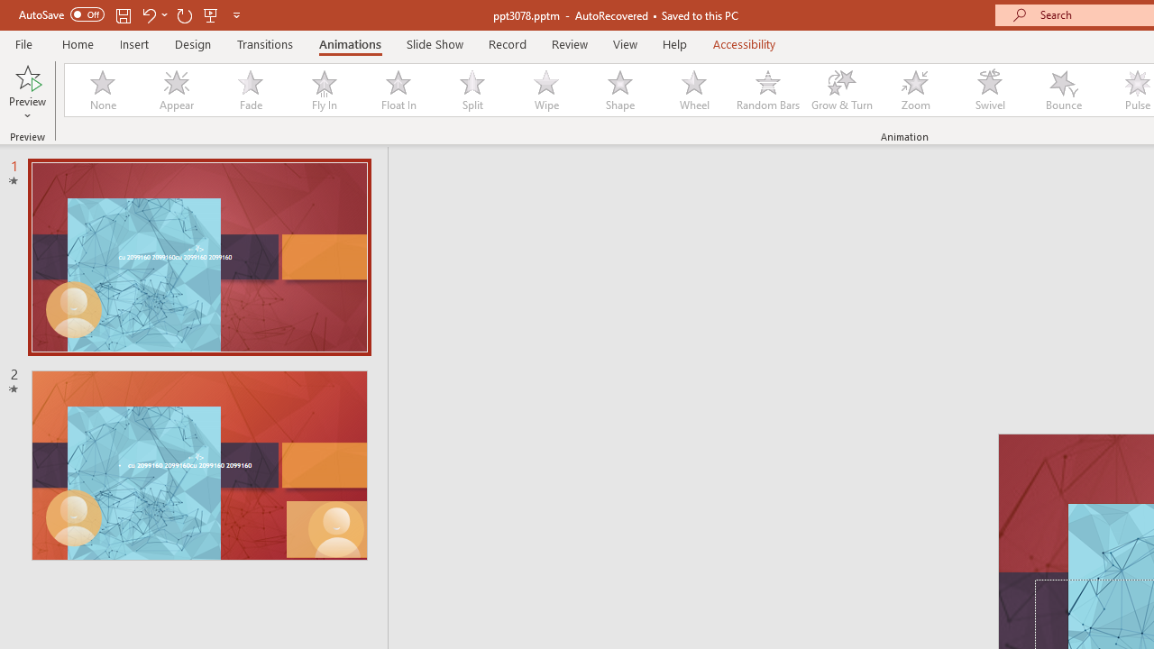 Image resolution: width=1154 pixels, height=649 pixels. I want to click on 'Wheel', so click(693, 90).